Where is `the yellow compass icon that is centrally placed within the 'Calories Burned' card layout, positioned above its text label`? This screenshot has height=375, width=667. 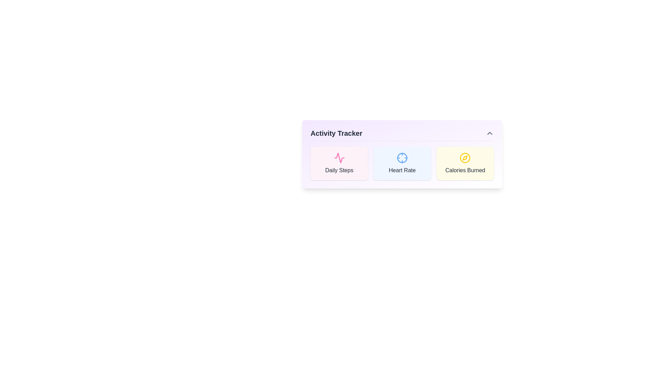
the yellow compass icon that is centrally placed within the 'Calories Burned' card layout, positioned above its text label is located at coordinates (465, 158).